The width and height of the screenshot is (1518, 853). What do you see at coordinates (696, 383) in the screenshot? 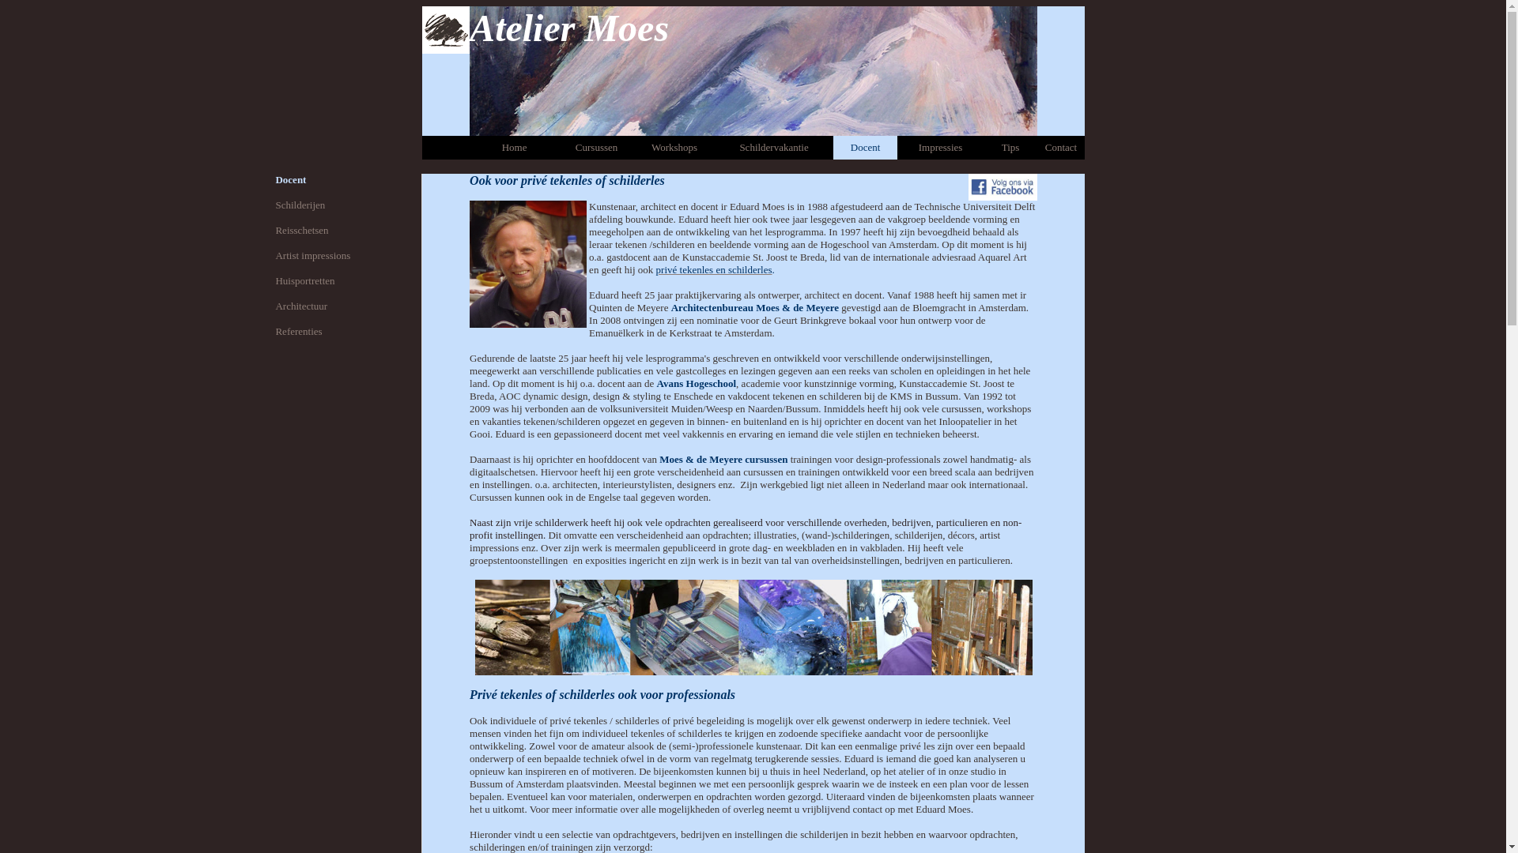
I see `'Avans Hogeschool'` at bounding box center [696, 383].